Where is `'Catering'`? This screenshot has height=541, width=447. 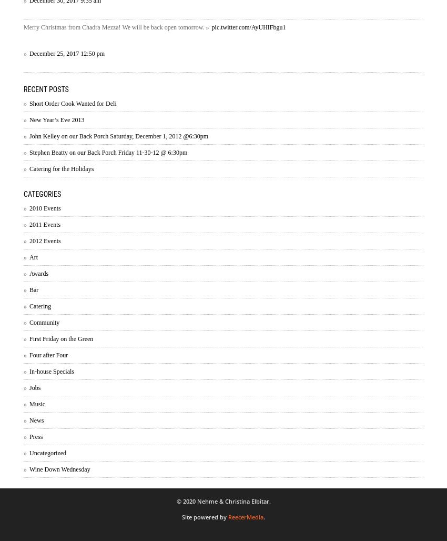 'Catering' is located at coordinates (40, 305).